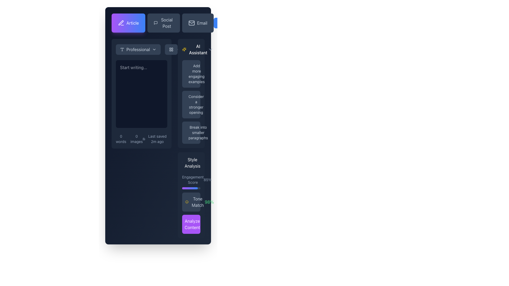 The image size is (509, 286). What do you see at coordinates (191, 179) in the screenshot?
I see `the engagement metric text display showing '85%' located in the 'Style Analysis' section, which is positioned above a progress bar and below the title 'Style Analysis'` at bounding box center [191, 179].